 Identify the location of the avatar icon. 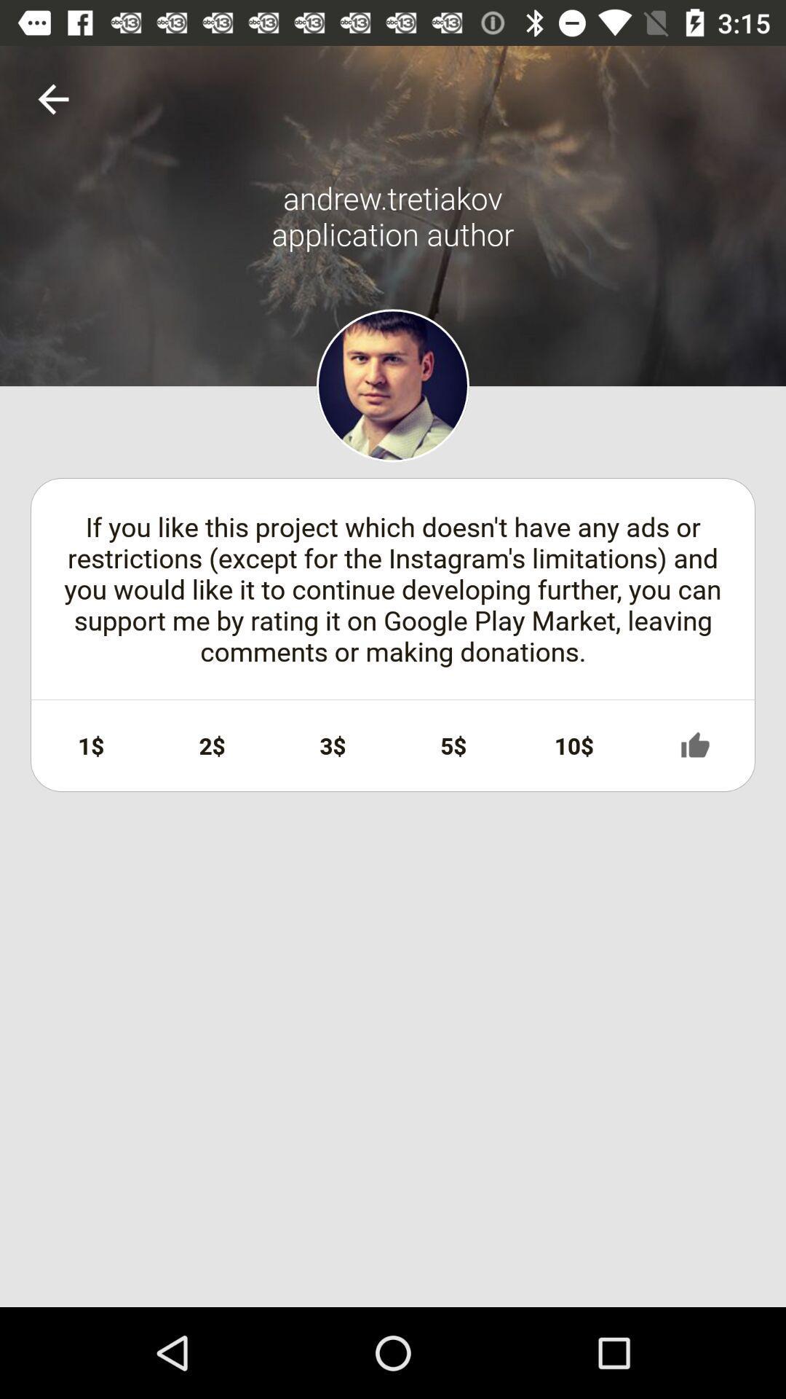
(393, 385).